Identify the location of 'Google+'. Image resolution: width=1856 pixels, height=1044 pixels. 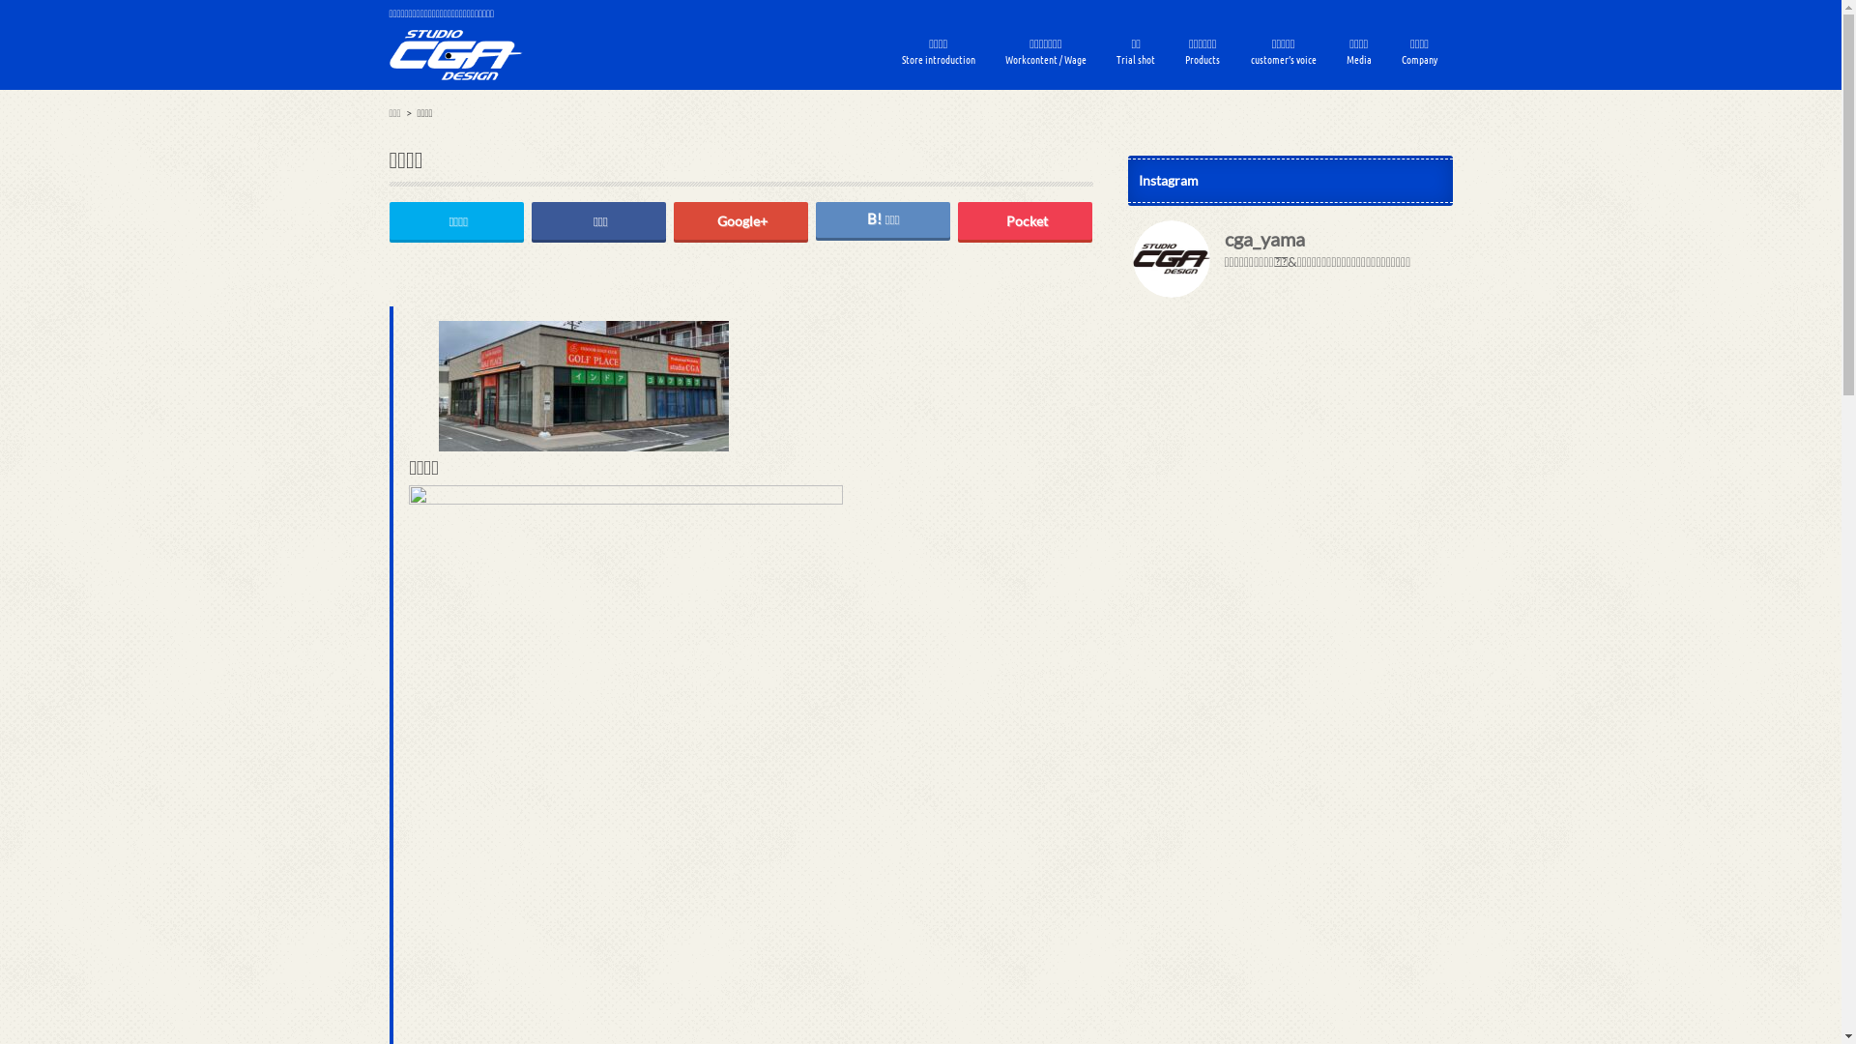
(740, 218).